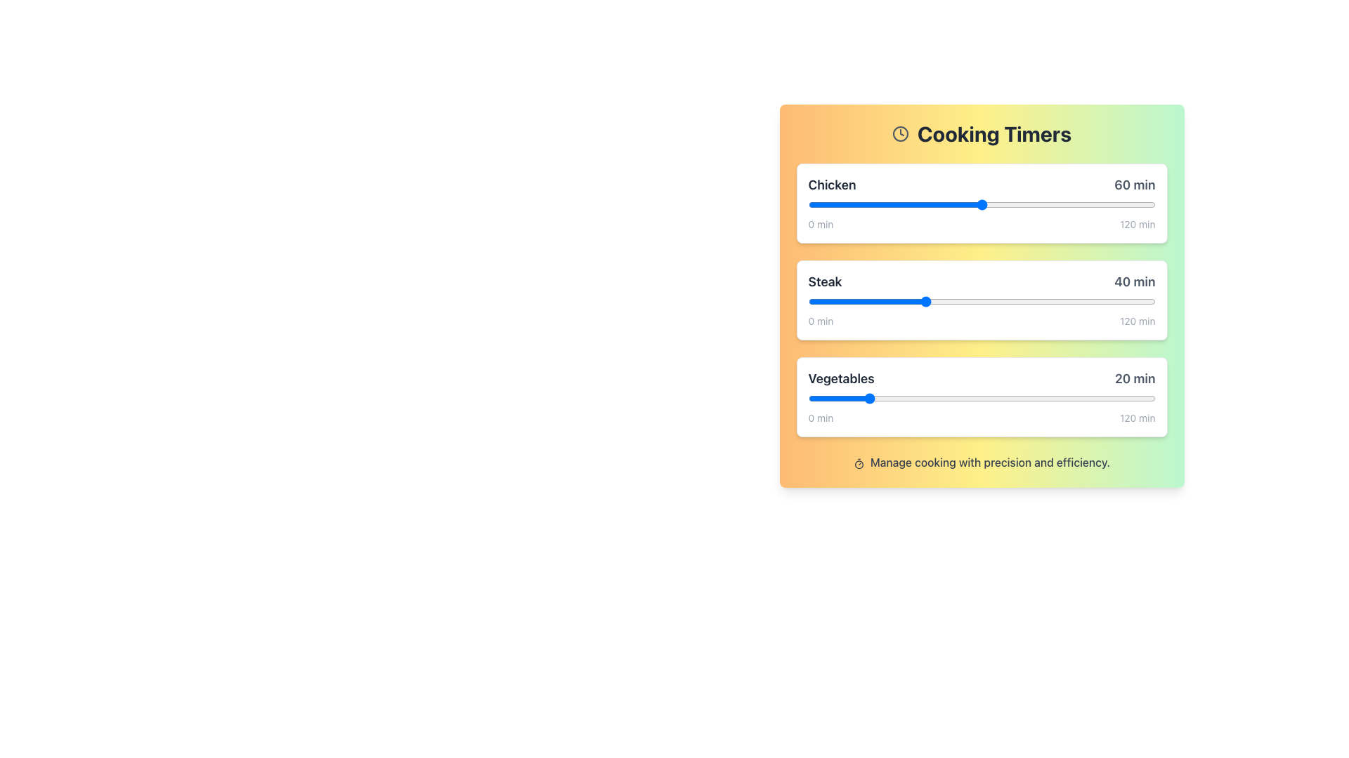 This screenshot has height=758, width=1349. I want to click on the timer value for the slider, so click(819, 300).